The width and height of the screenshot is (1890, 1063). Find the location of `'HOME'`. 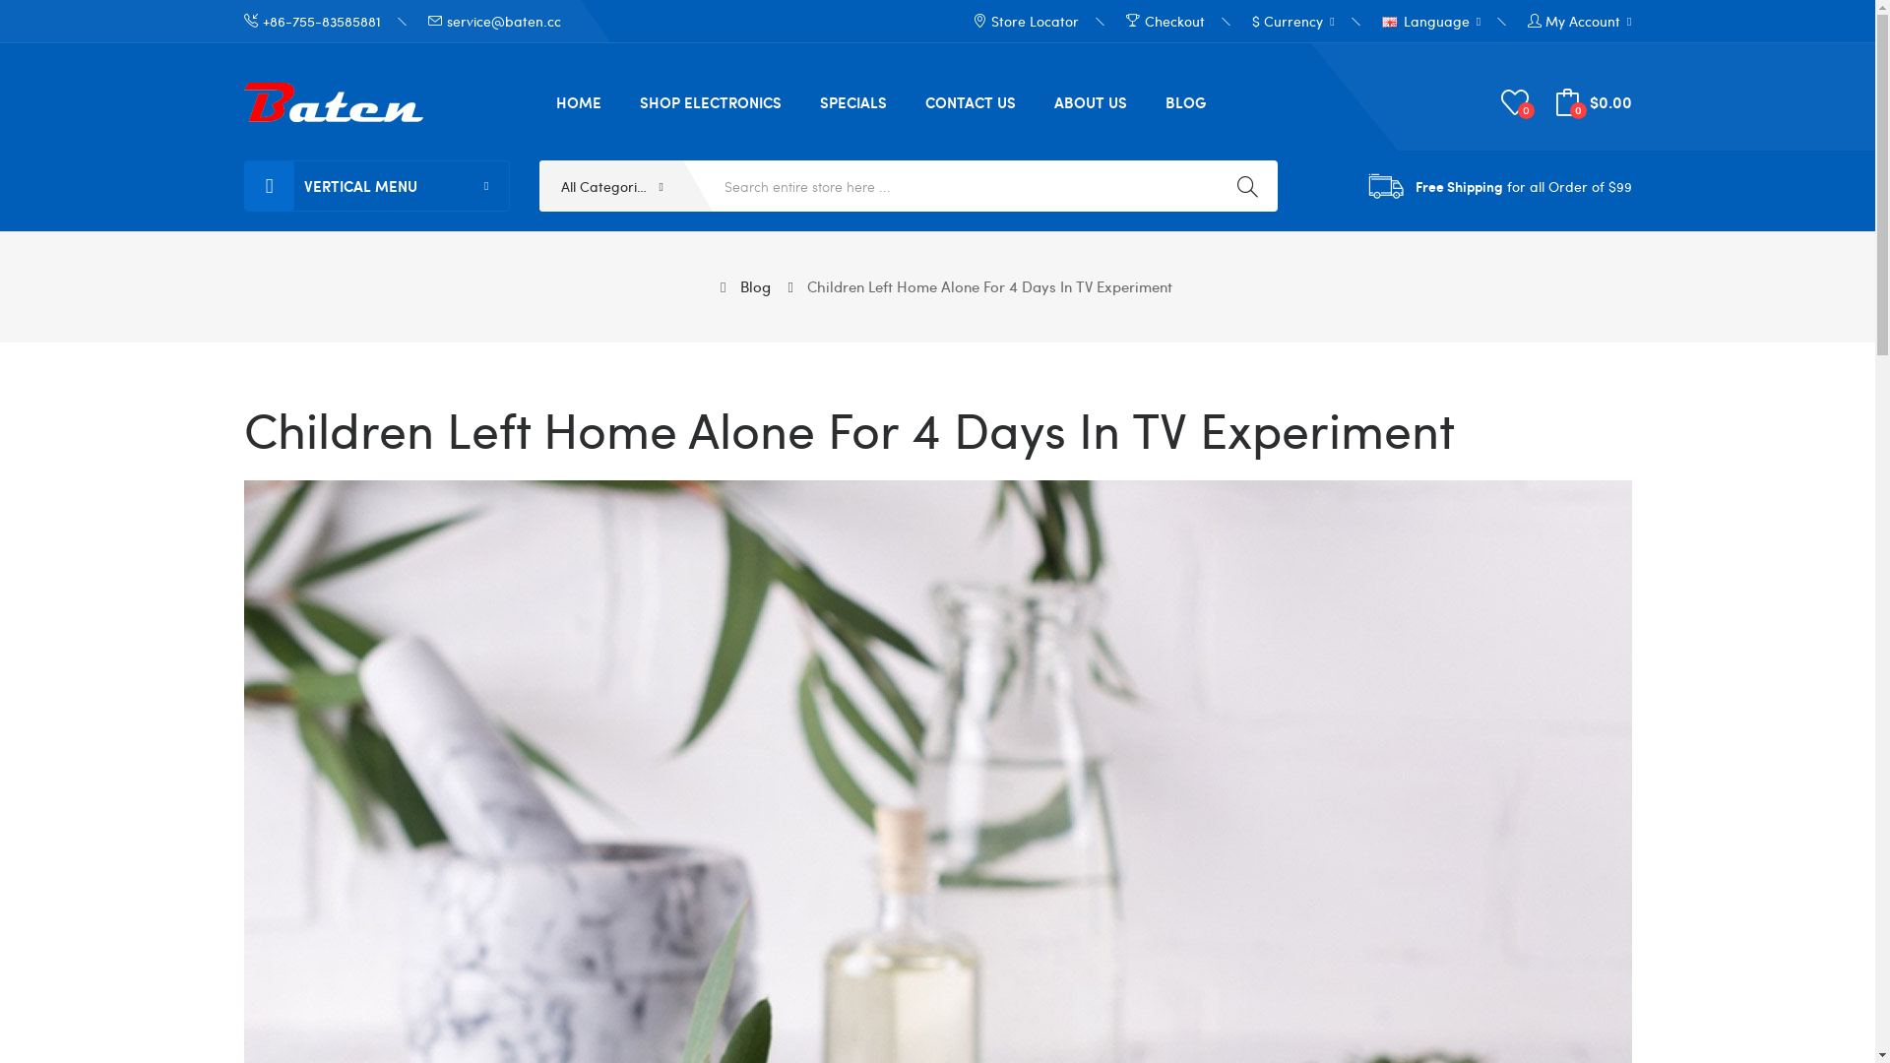

'HOME' is located at coordinates (578, 101).